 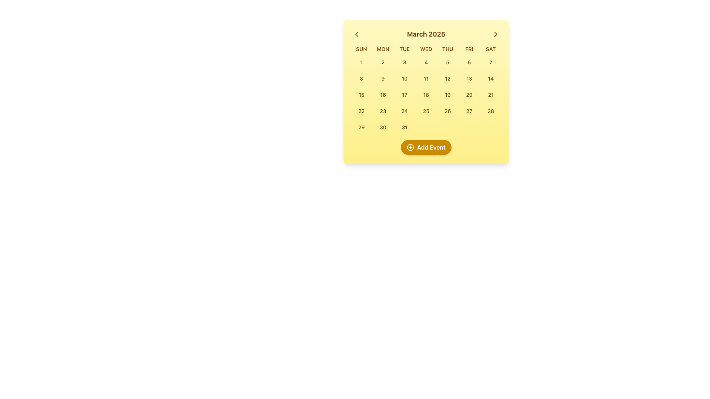 I want to click on the Button-like text element representing the date March 8, 2025, in the calendar grid, so click(x=361, y=78).